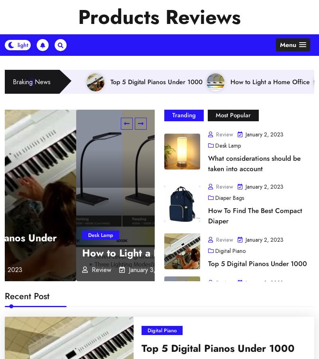 This screenshot has width=319, height=359. I want to click on 'Factors to Consider When Choosing a Diaper Bag For Boys', so click(217, 294).